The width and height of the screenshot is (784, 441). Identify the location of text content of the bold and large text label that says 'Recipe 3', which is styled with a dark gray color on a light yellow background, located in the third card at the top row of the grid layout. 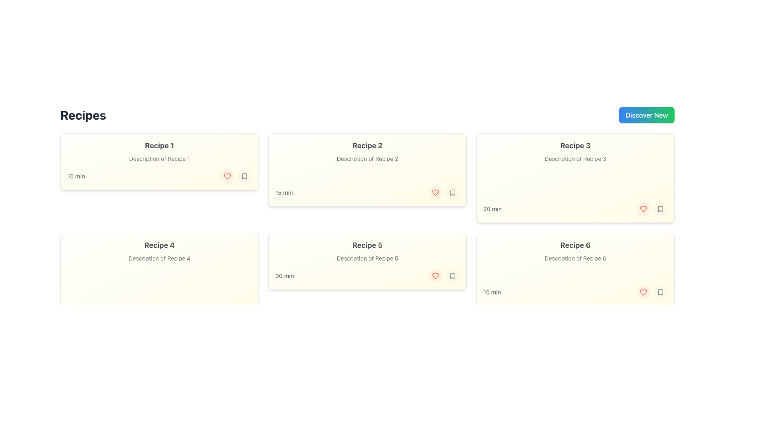
(575, 145).